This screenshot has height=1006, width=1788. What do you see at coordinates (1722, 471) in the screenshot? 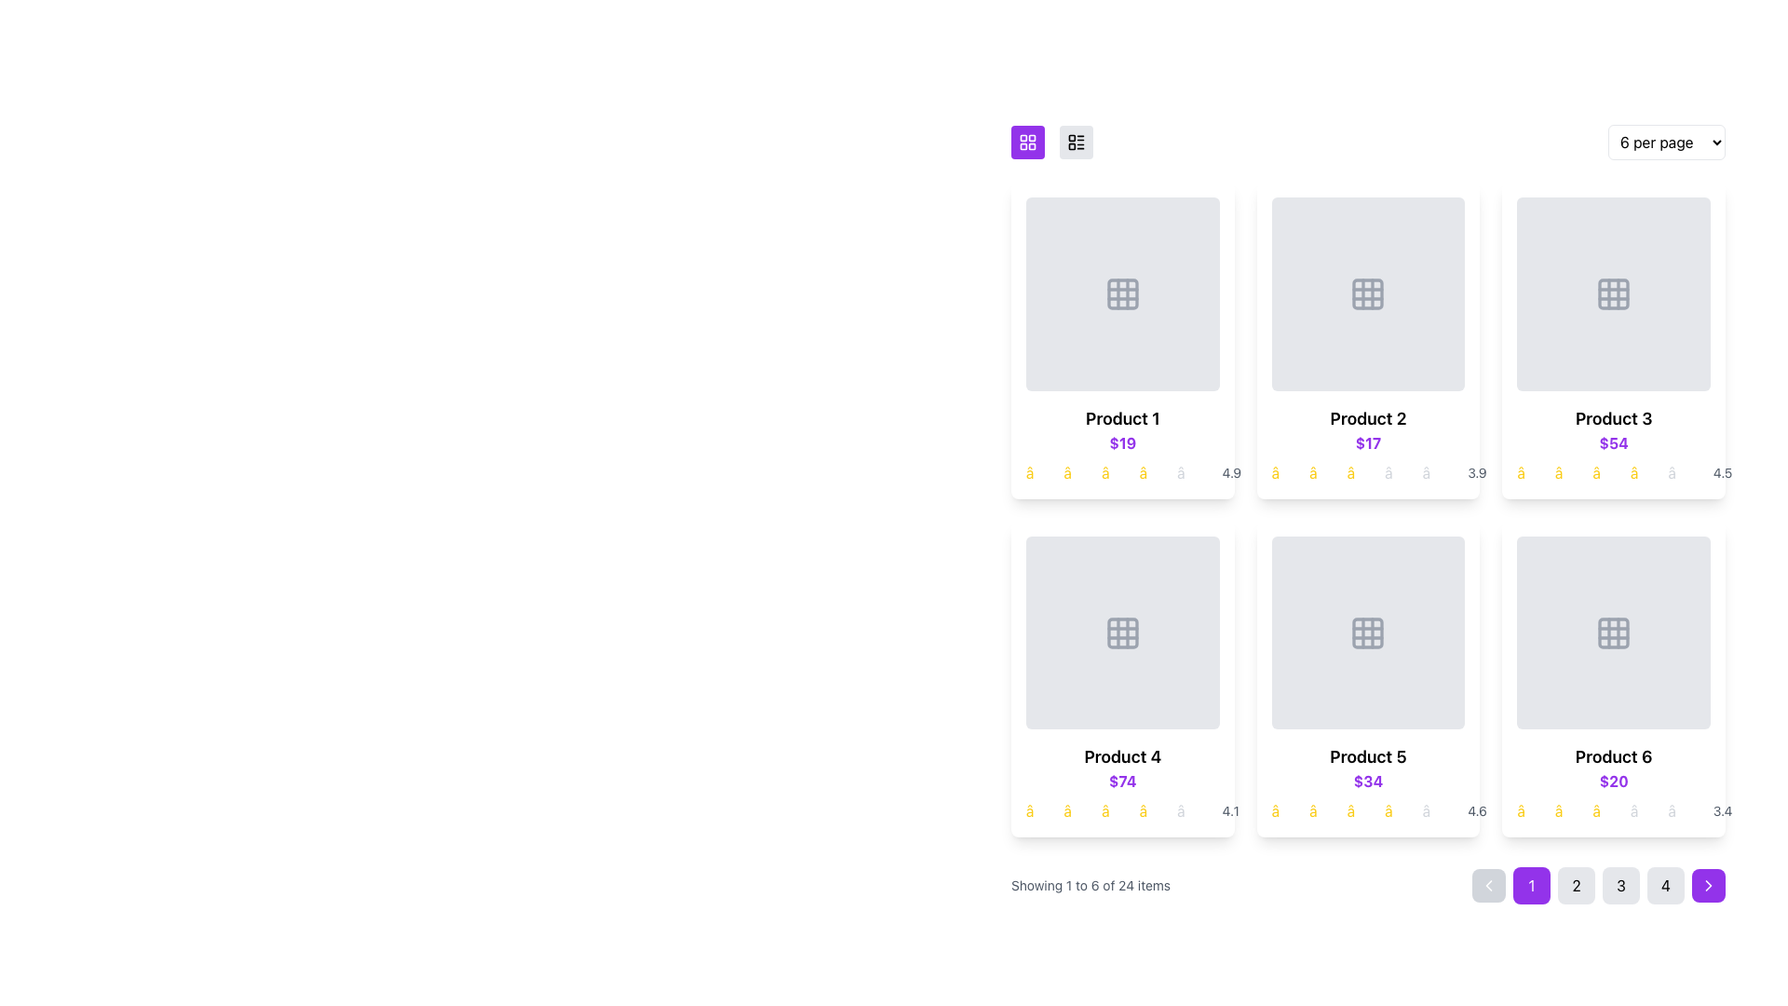
I see `the text label displaying the numeric value '4.5', which is styled in gray and positioned next to star icons indicating a rating system for 'Product 3'` at bounding box center [1722, 471].